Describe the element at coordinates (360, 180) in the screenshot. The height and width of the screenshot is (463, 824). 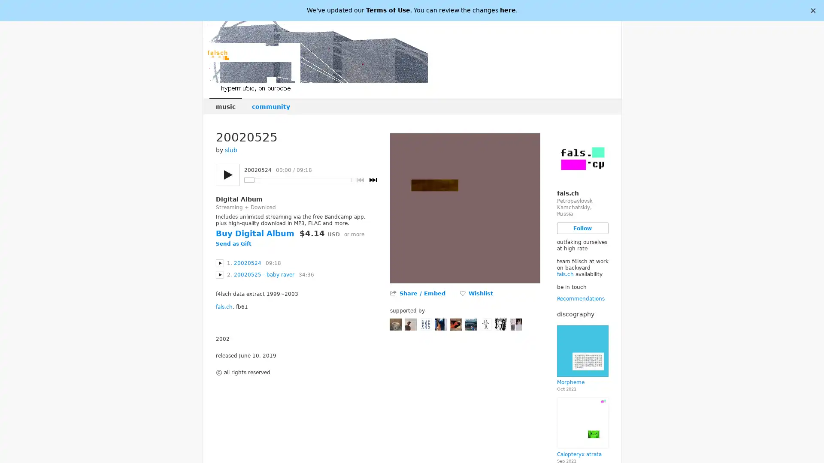
I see `Previous track` at that location.